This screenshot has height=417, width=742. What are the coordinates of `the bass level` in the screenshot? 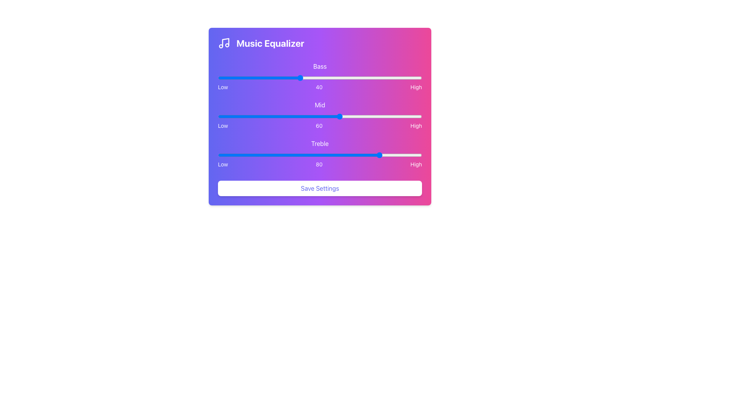 It's located at (223, 78).